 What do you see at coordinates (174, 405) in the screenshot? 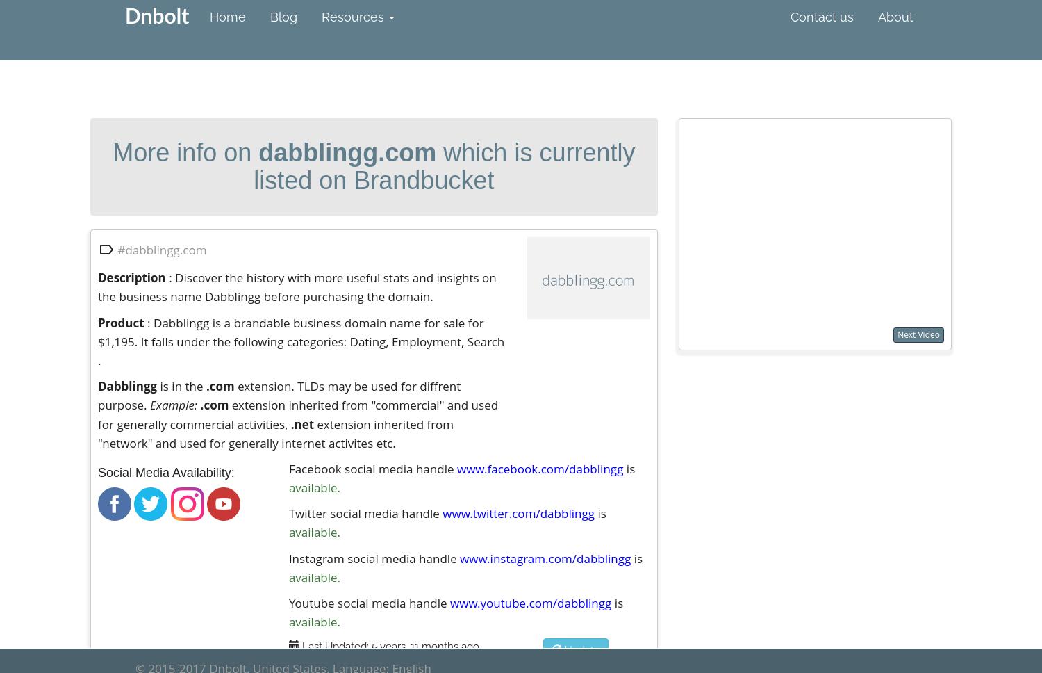
I see `'Example:'` at bounding box center [174, 405].